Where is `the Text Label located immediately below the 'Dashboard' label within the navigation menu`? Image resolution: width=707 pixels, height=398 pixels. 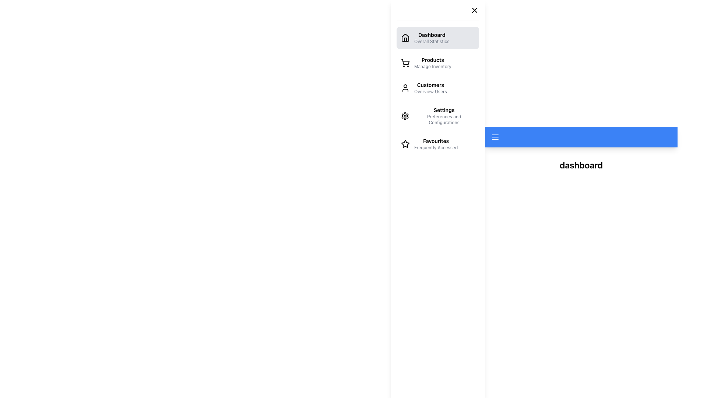 the Text Label located immediately below the 'Dashboard' label within the navigation menu is located at coordinates (432, 41).